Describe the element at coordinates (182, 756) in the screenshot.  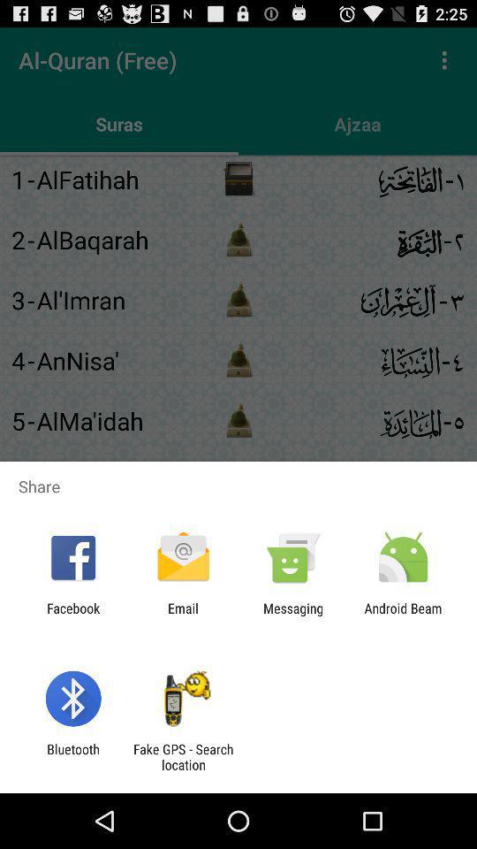
I see `icon to the right of bluetooth icon` at that location.